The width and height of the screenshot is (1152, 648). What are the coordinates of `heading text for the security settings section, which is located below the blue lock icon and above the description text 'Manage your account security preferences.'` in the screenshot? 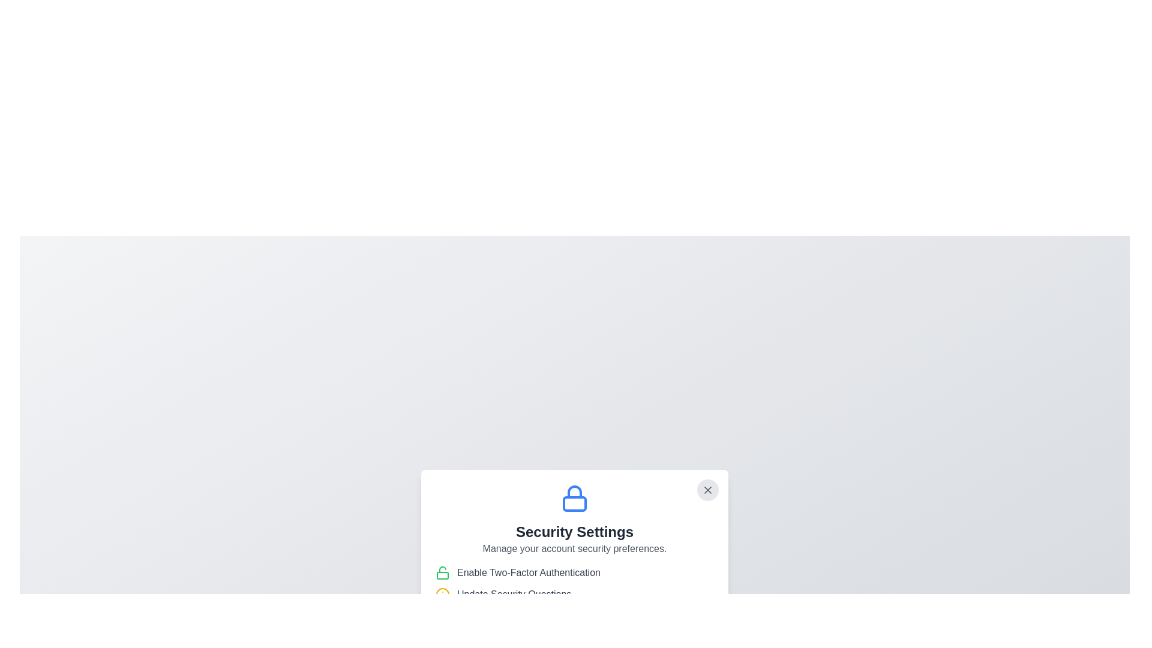 It's located at (574, 532).